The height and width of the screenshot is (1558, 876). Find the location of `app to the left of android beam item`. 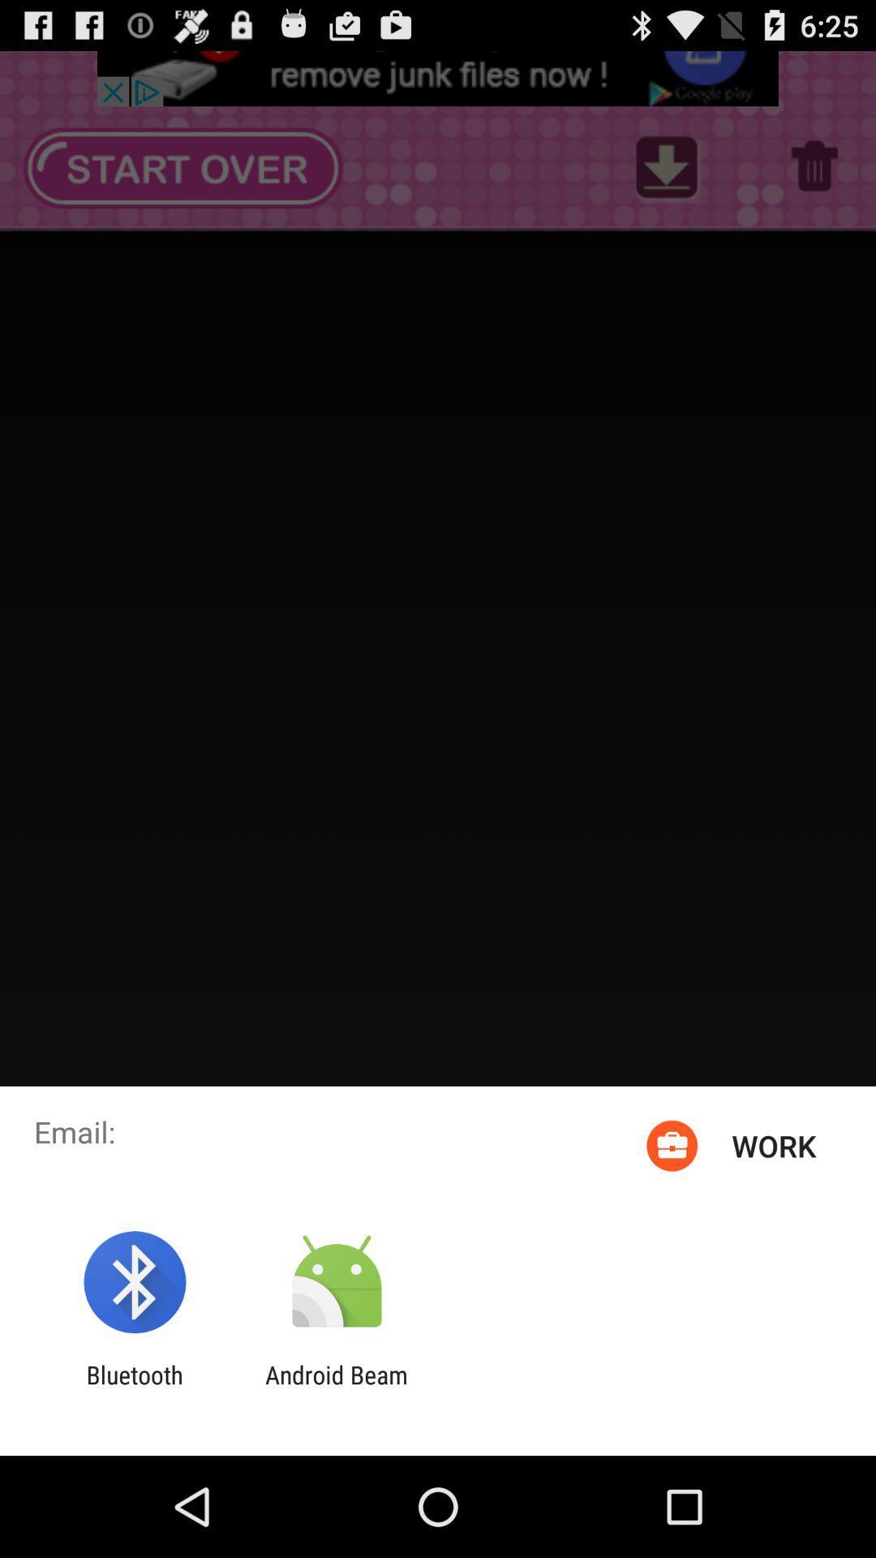

app to the left of android beam item is located at coordinates (134, 1388).